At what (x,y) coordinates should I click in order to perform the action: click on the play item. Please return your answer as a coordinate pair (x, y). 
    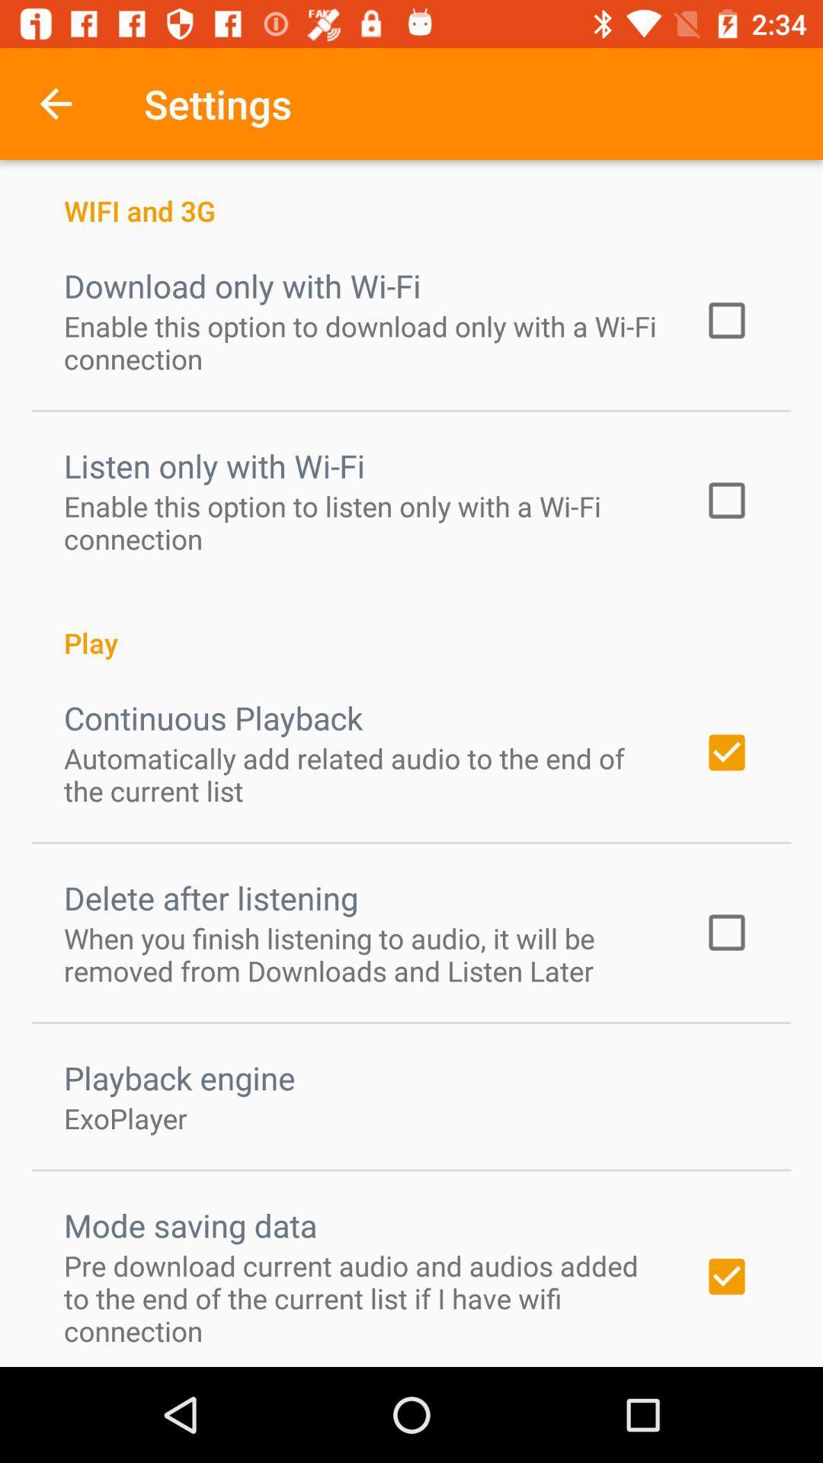
    Looking at the image, I should click on (411, 626).